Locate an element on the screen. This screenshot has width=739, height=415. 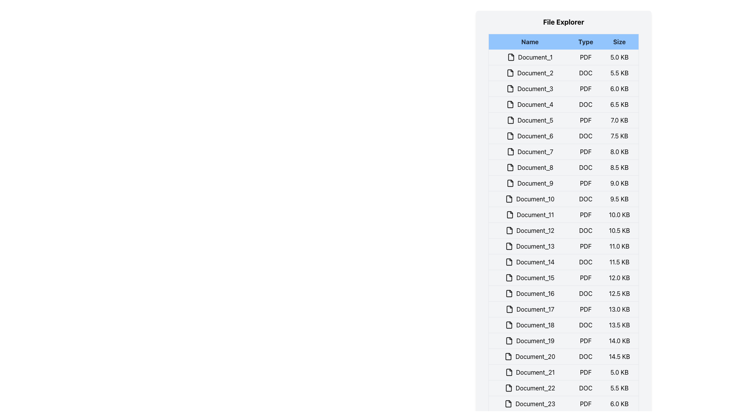
the decorative 'document' icon located in the ninth row of the file explorer list next to the text 'Document_9' is located at coordinates (510, 183).